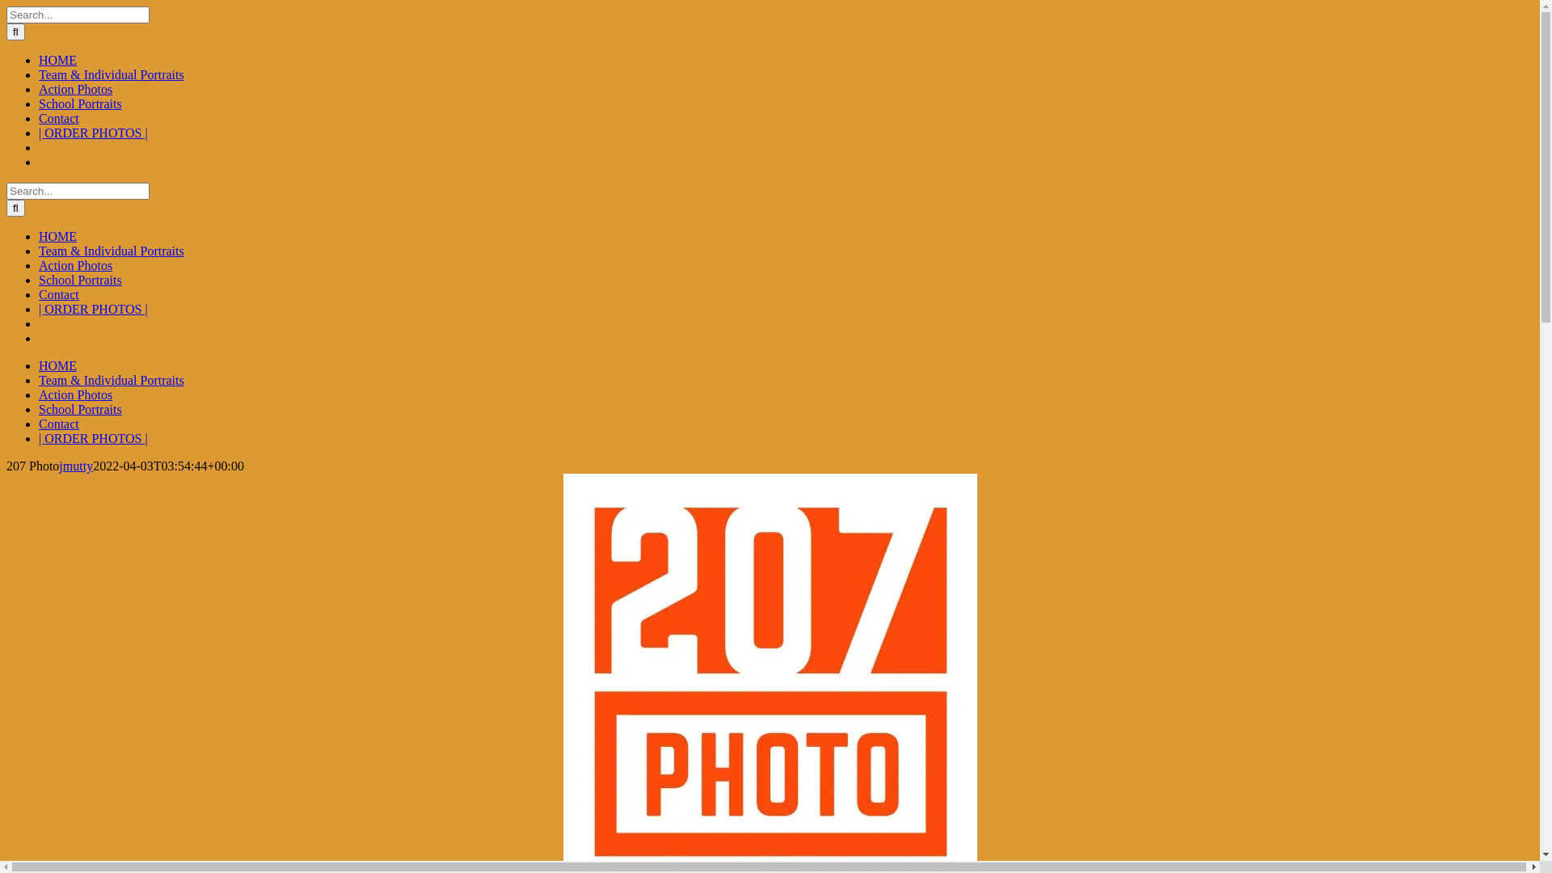 The width and height of the screenshot is (1552, 873). What do you see at coordinates (111, 251) in the screenshot?
I see `'Team & Individual Portraits'` at bounding box center [111, 251].